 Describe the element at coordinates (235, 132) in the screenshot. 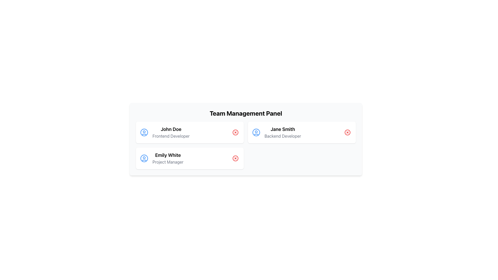

I see `the delete or close button located at the top-right corner of the 'John Doe' card within the 'Team Management Panel' layout` at that location.